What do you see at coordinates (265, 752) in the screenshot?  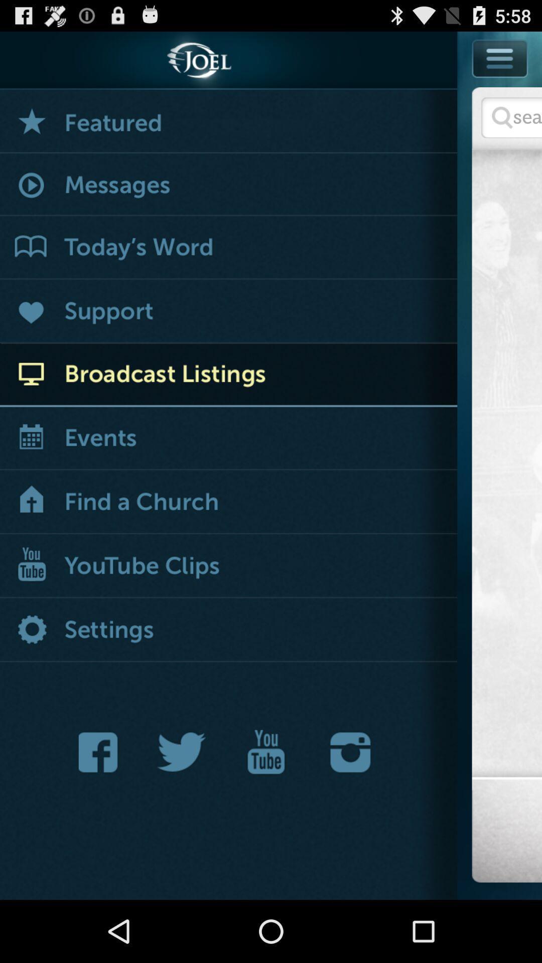 I see `open joel 's youtube page` at bounding box center [265, 752].